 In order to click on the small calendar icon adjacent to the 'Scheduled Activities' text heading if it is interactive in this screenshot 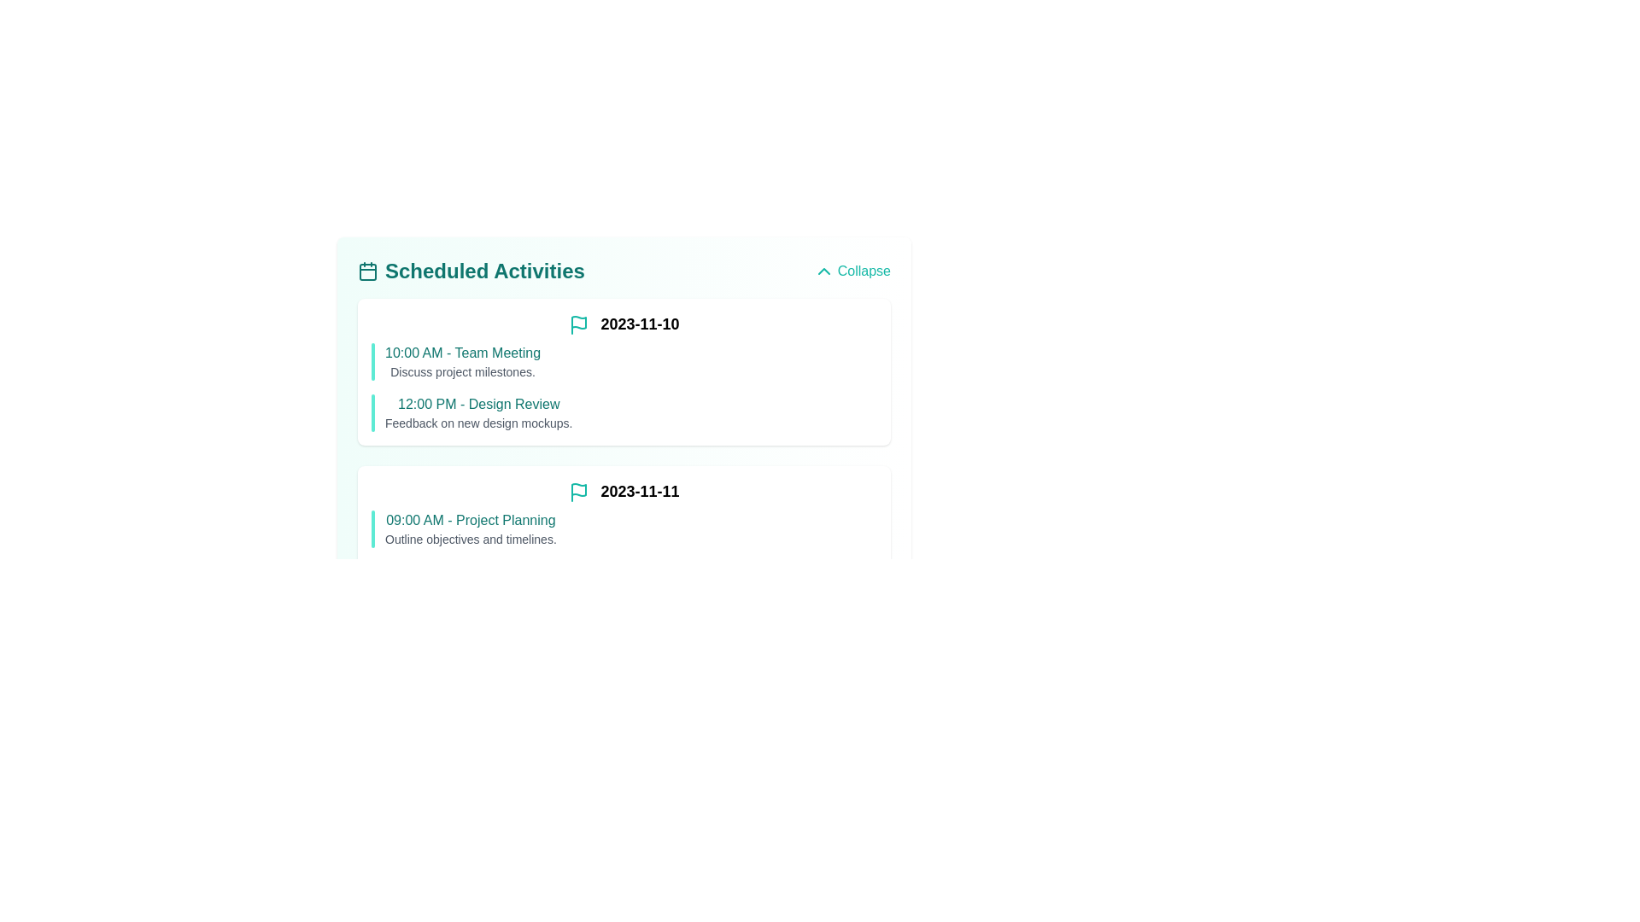, I will do `click(471, 270)`.